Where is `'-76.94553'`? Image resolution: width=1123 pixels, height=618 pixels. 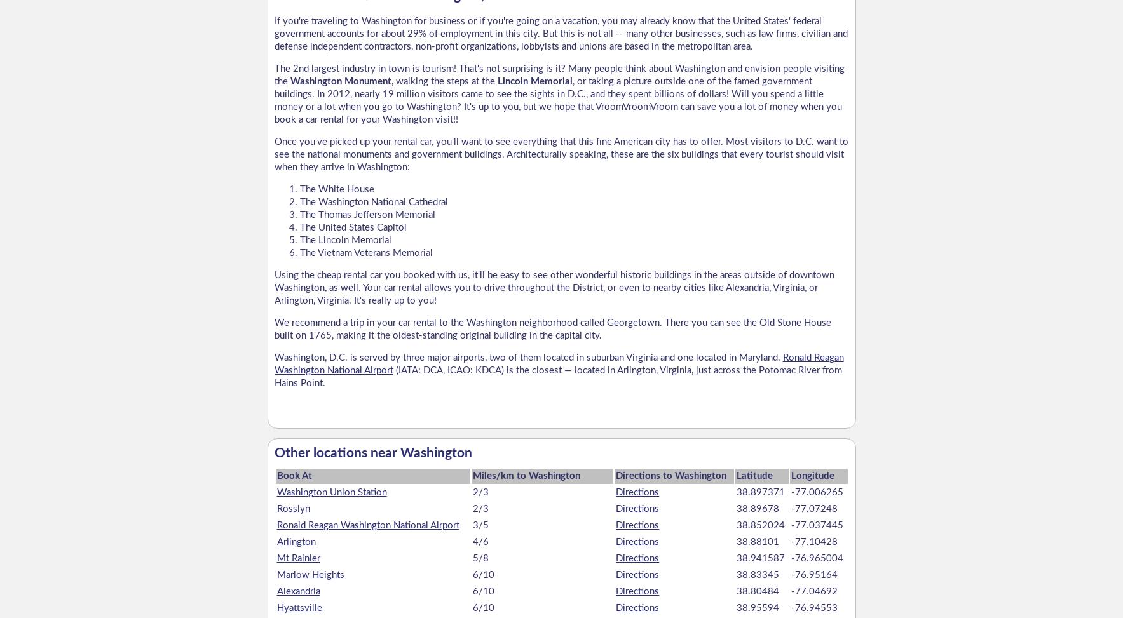
'-76.94553' is located at coordinates (813, 607).